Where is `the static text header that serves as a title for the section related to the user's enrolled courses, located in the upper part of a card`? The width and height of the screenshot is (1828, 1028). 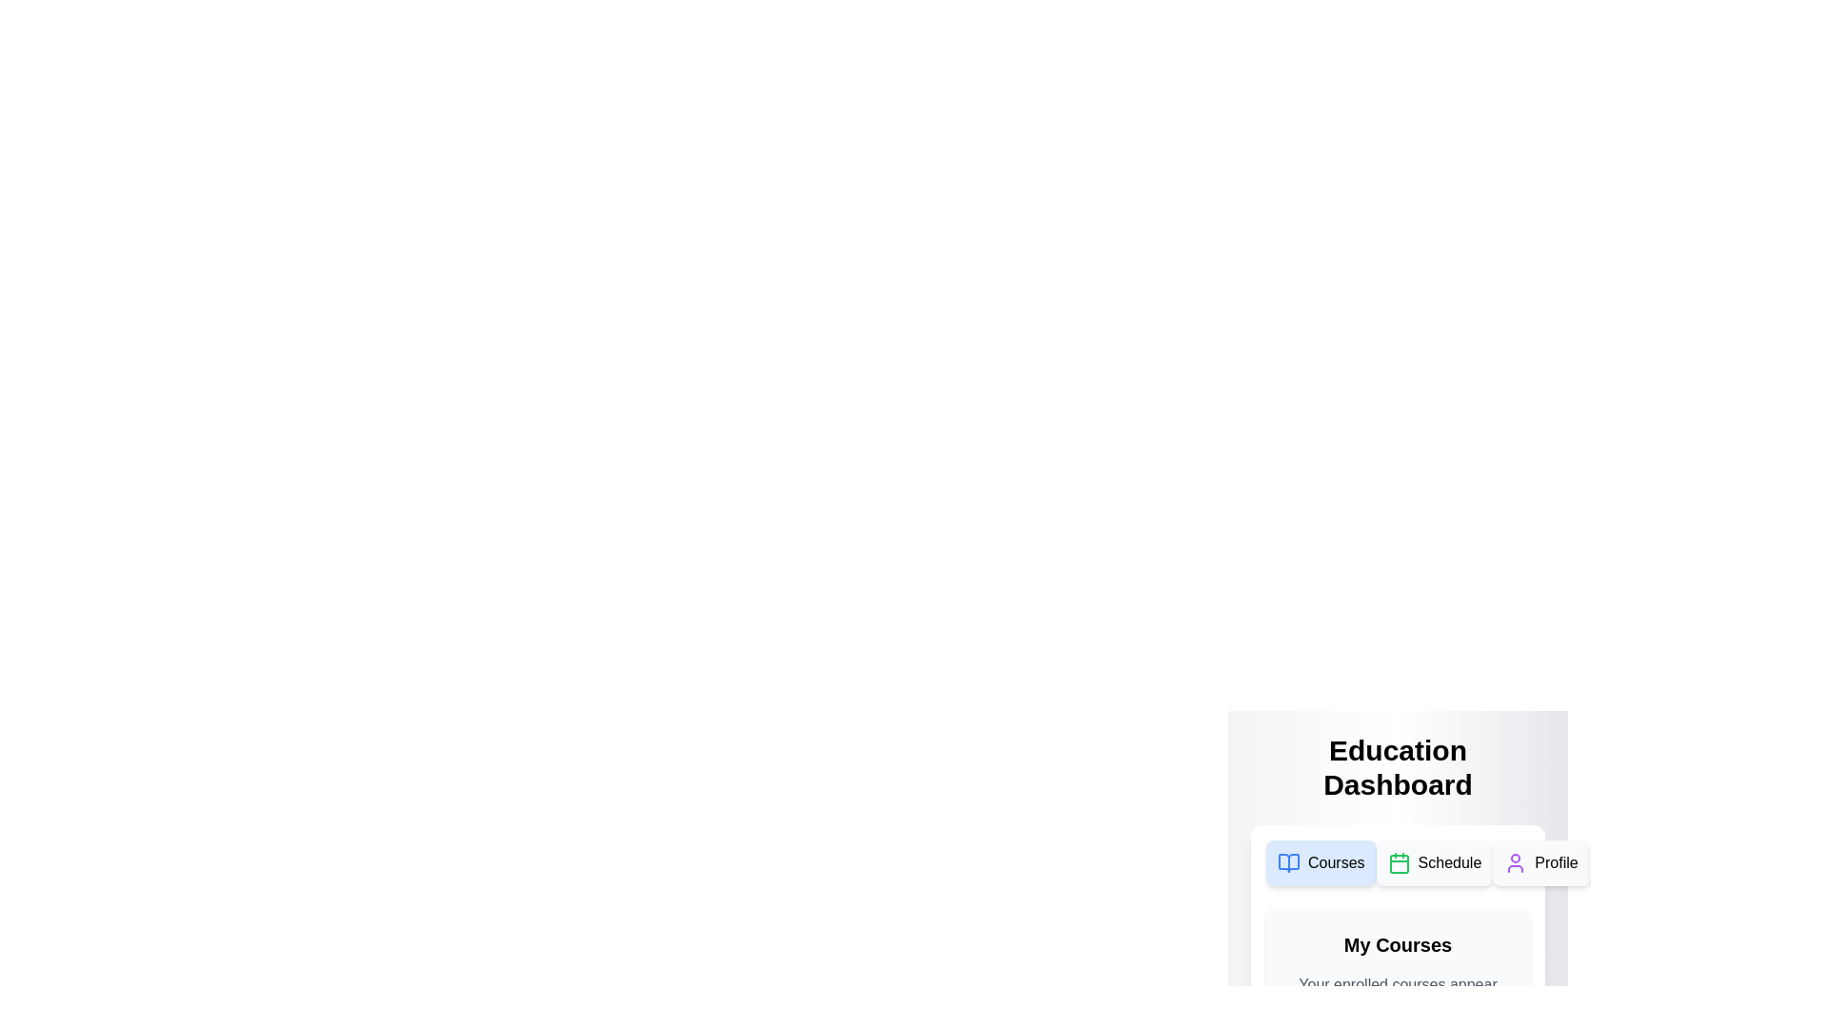
the static text header that serves as a title for the section related to the user's enrolled courses, located in the upper part of a card is located at coordinates (1398, 944).